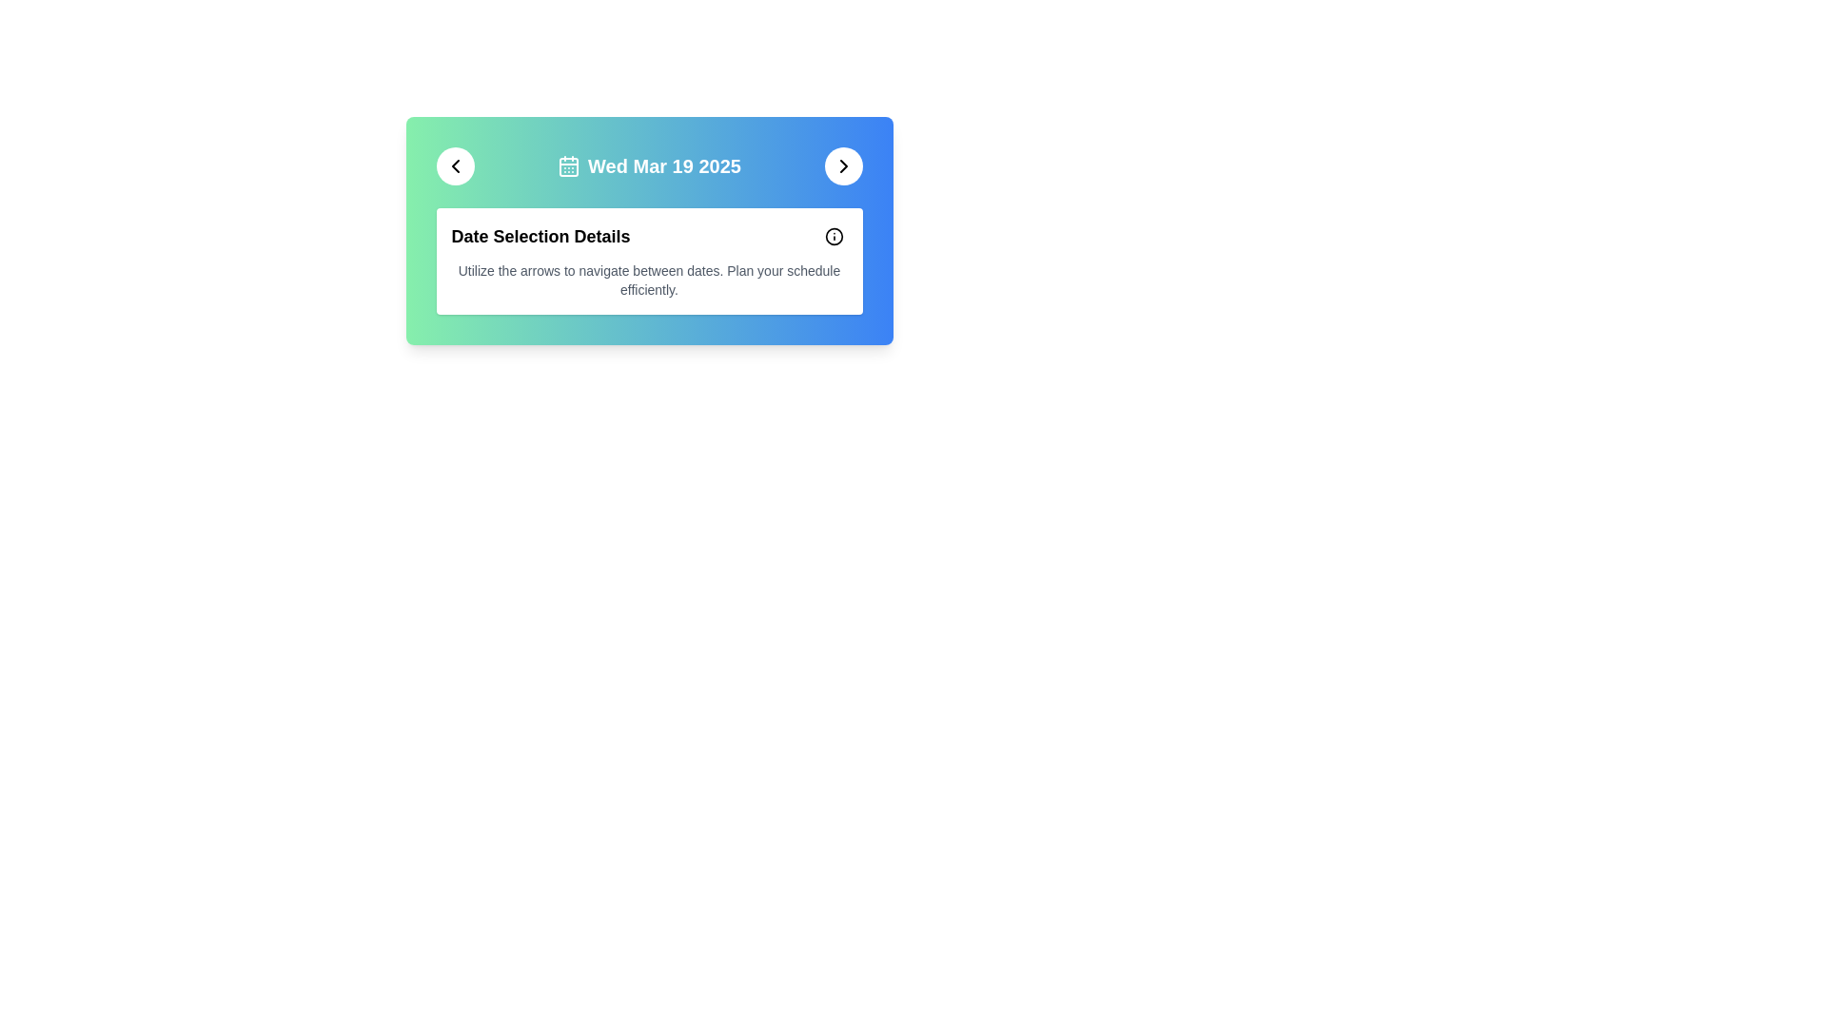 The width and height of the screenshot is (1827, 1027). I want to click on the instructional static text that displays 'Utilize the arrows to navigate between dates. Plan your schedule efficiently.' located below the 'Date Selection Details' header, so click(649, 280).